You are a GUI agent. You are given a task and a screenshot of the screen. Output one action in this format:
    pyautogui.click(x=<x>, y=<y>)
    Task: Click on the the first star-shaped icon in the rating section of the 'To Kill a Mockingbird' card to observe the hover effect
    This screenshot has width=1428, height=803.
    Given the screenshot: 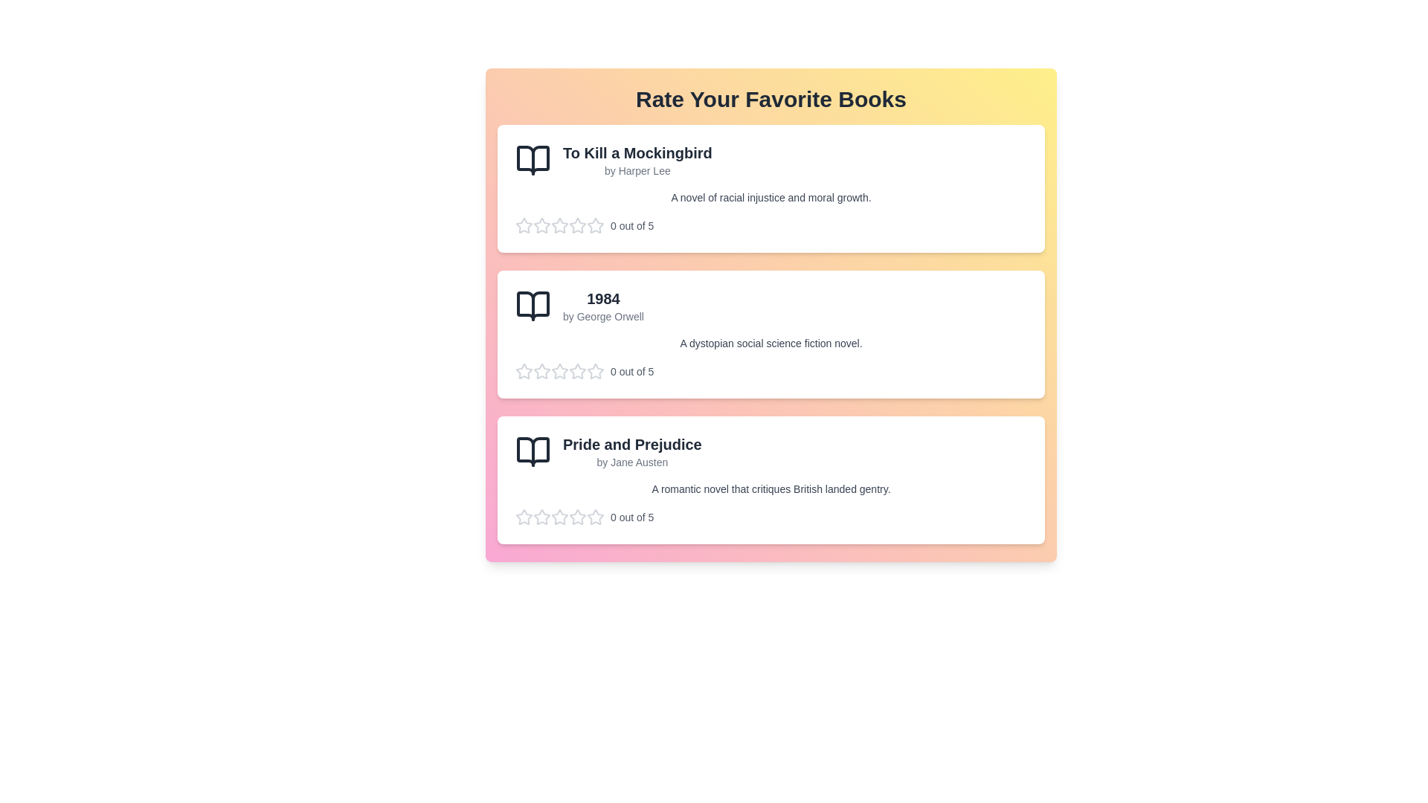 What is the action you would take?
    pyautogui.click(x=524, y=226)
    